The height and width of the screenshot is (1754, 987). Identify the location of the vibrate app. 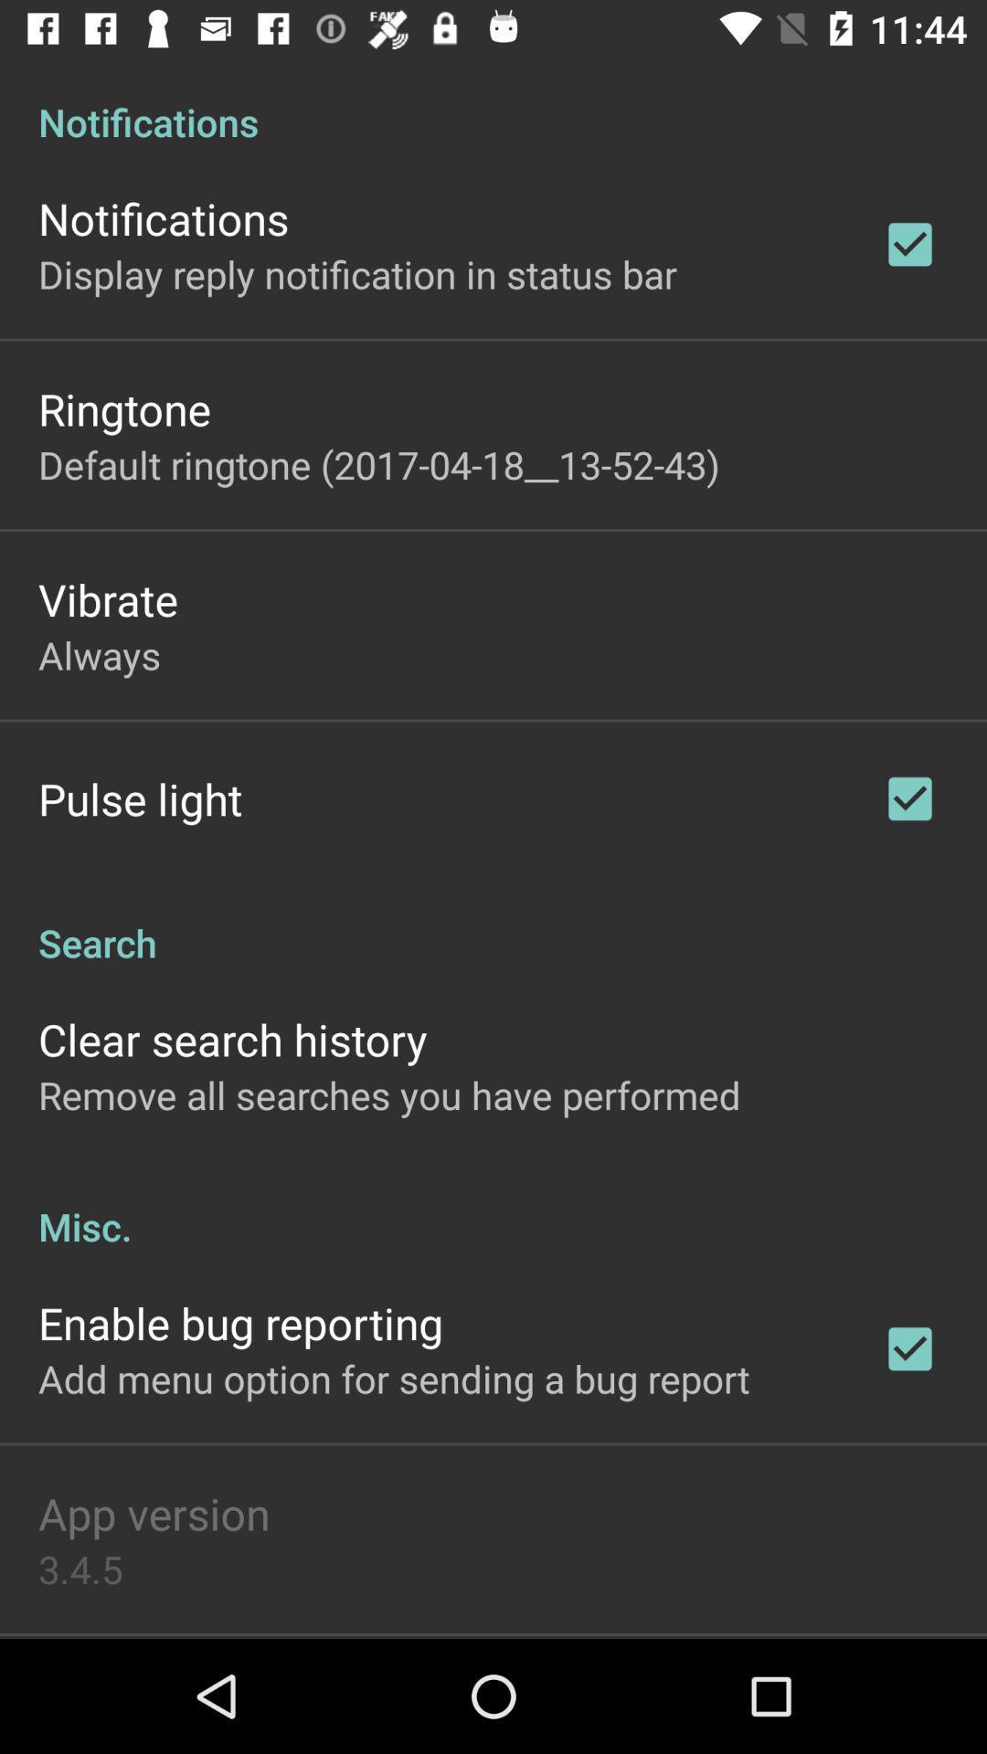
(108, 599).